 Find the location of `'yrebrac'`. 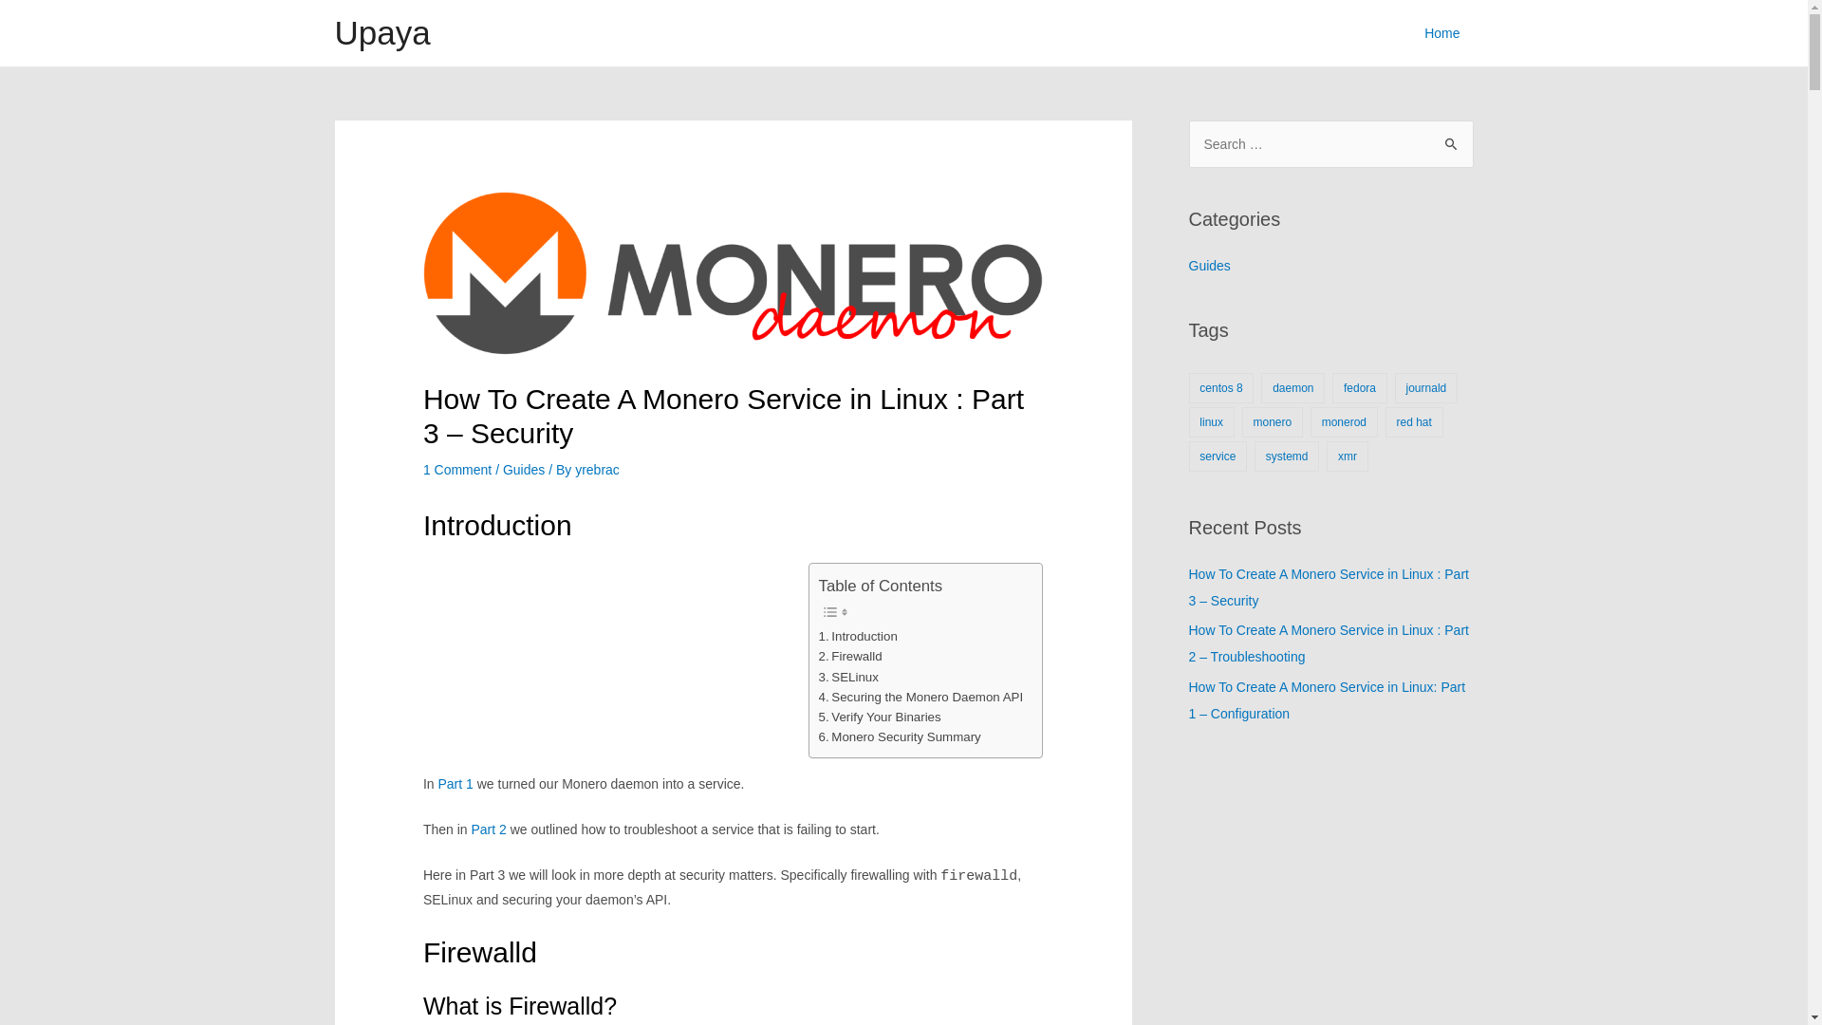

'yrebrac' is located at coordinates (573, 469).